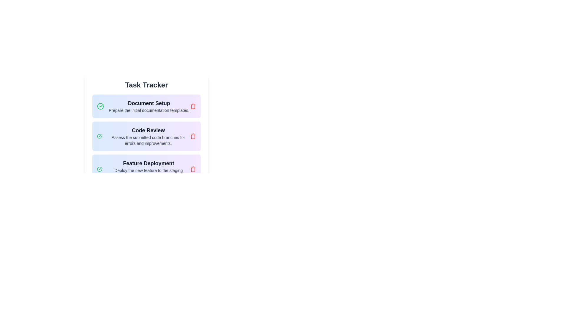  Describe the element at coordinates (100, 169) in the screenshot. I see `the completion status icon for the 'Feature Deployment' task in the task tracker interface, located at the beginning of the row labeled 'Feature Deployment'` at that location.